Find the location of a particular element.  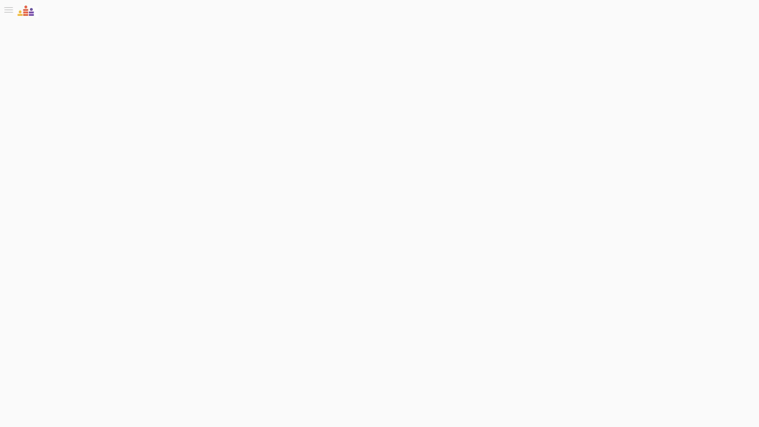

Toggle Sidebar Menu is located at coordinates (16, 27).